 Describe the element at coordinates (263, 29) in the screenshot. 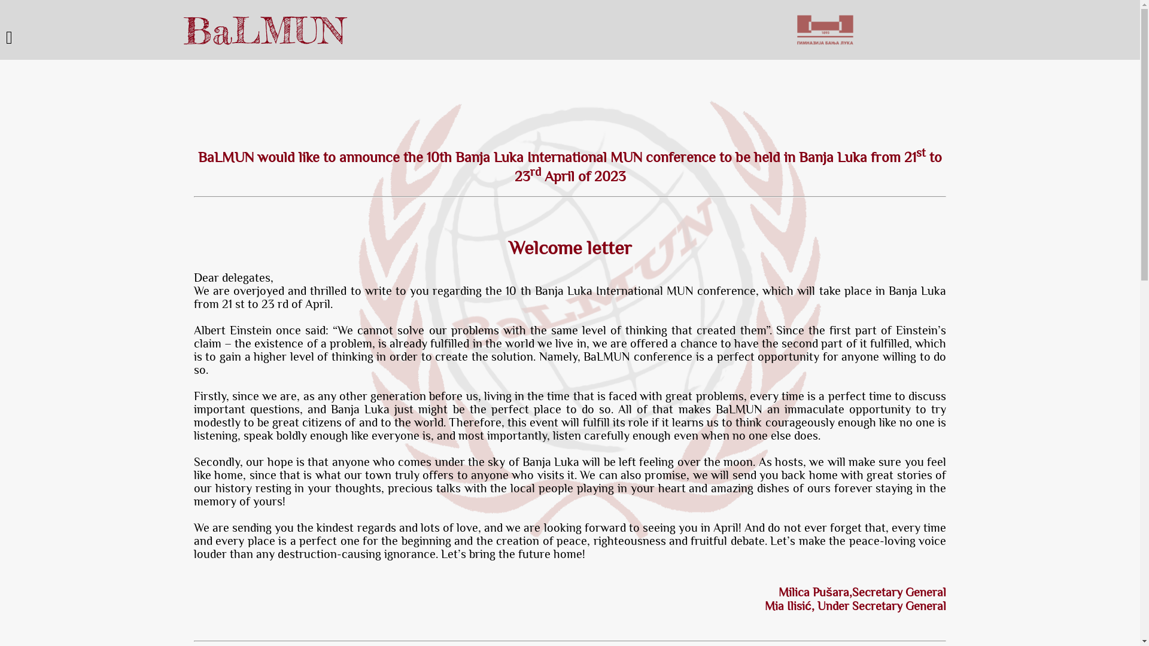

I see `'BaLMUN'` at that location.